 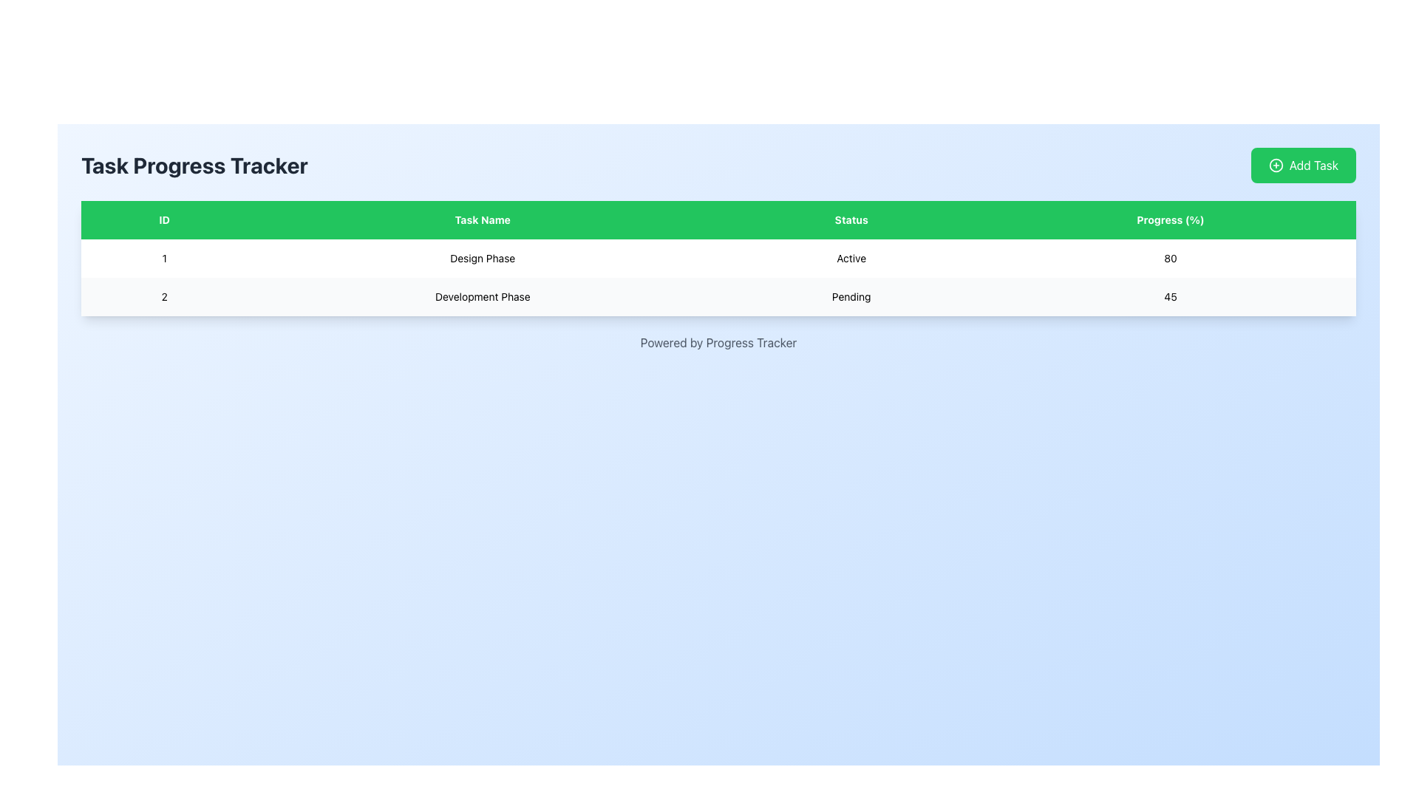 What do you see at coordinates (194, 165) in the screenshot?
I see `the text label displaying 'Task Progress Tracker', which is styled in bold, large dark gray font and is positioned at the top left of the interface` at bounding box center [194, 165].